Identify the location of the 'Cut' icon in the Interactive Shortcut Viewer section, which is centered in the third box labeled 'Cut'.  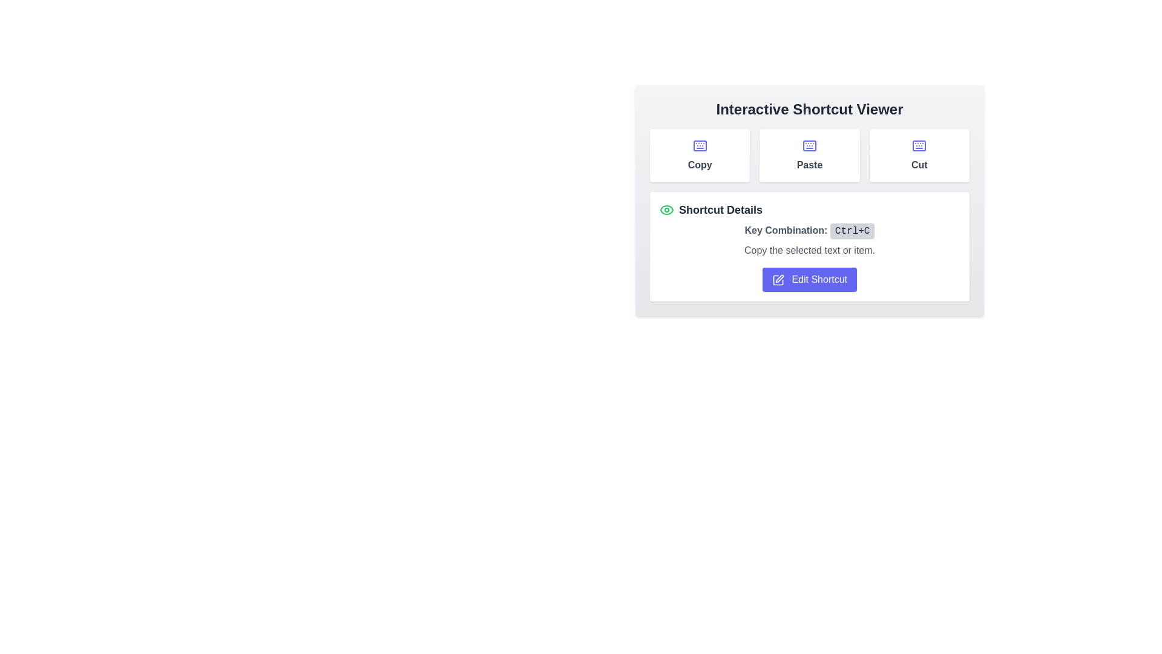
(919, 145).